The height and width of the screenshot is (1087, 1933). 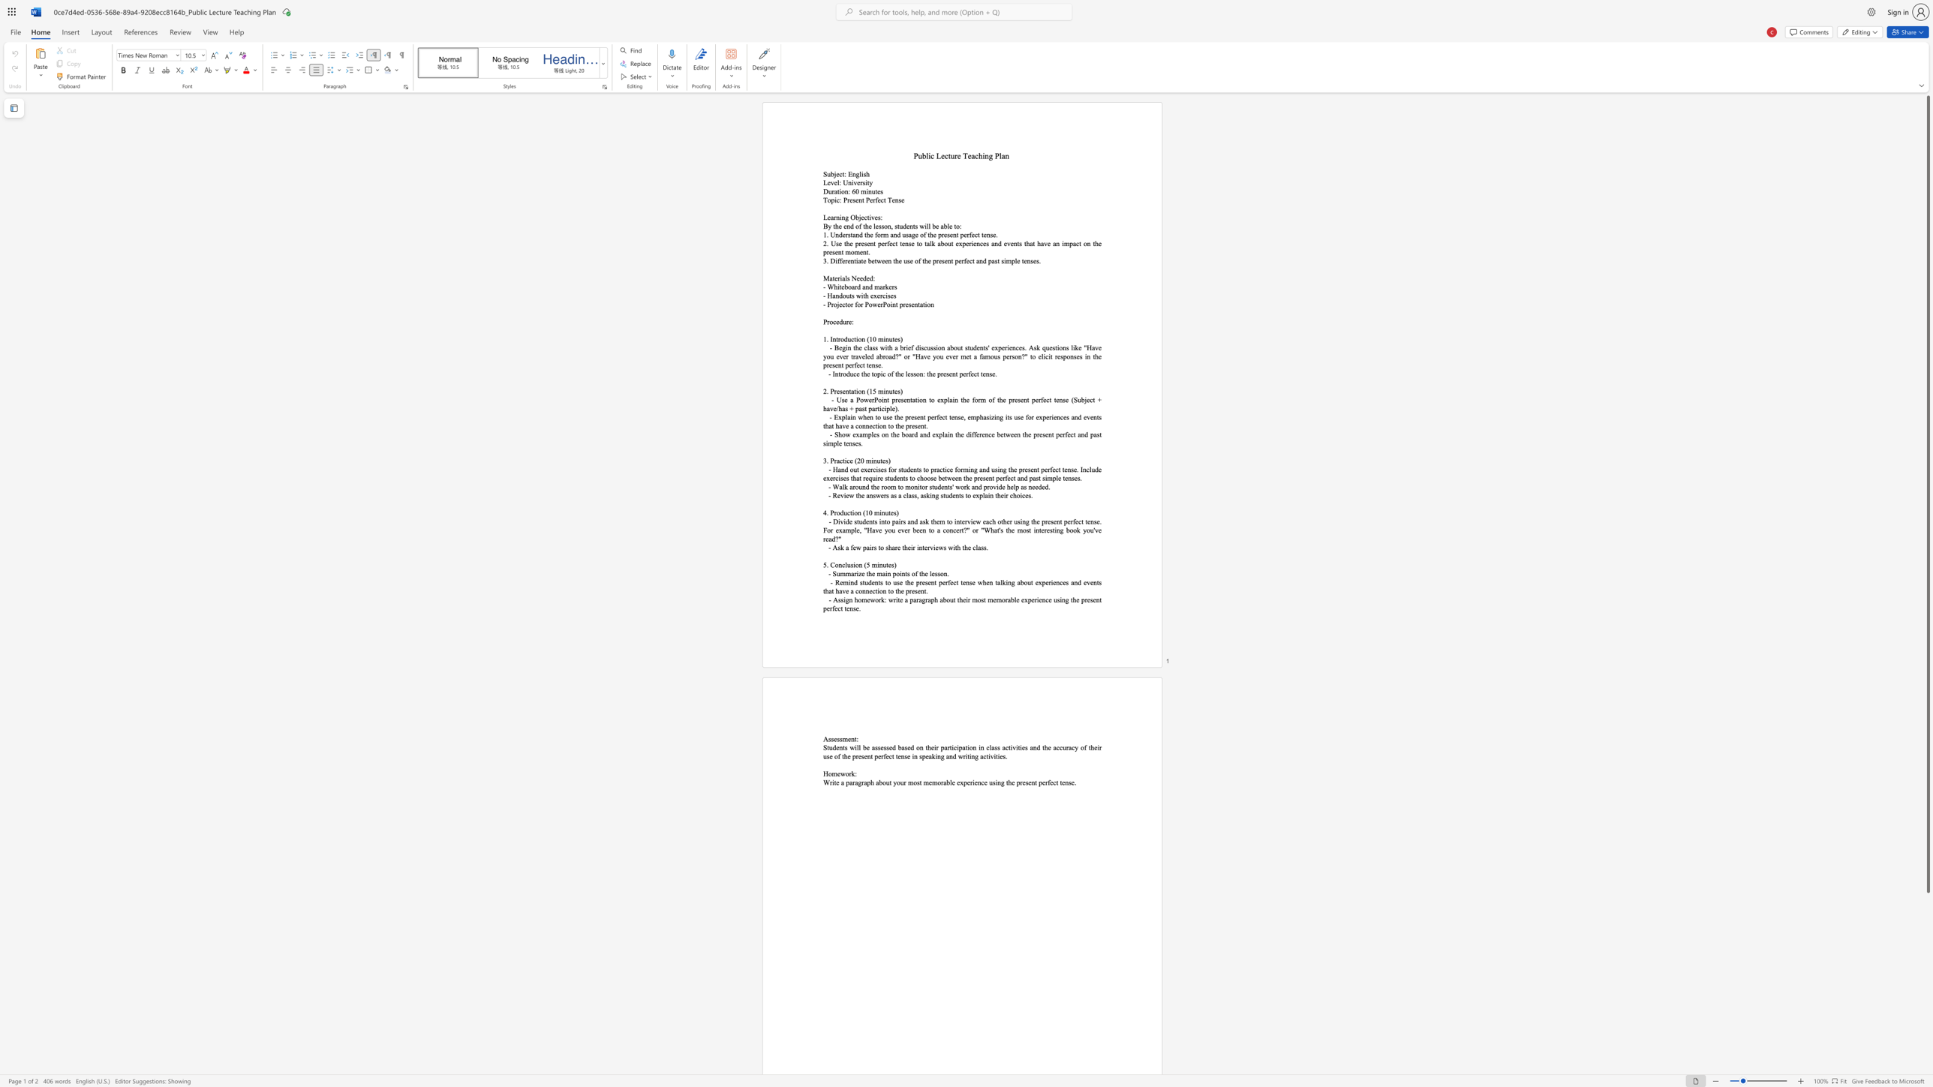 What do you see at coordinates (862, 339) in the screenshot?
I see `the 2th character "n" in the text` at bounding box center [862, 339].